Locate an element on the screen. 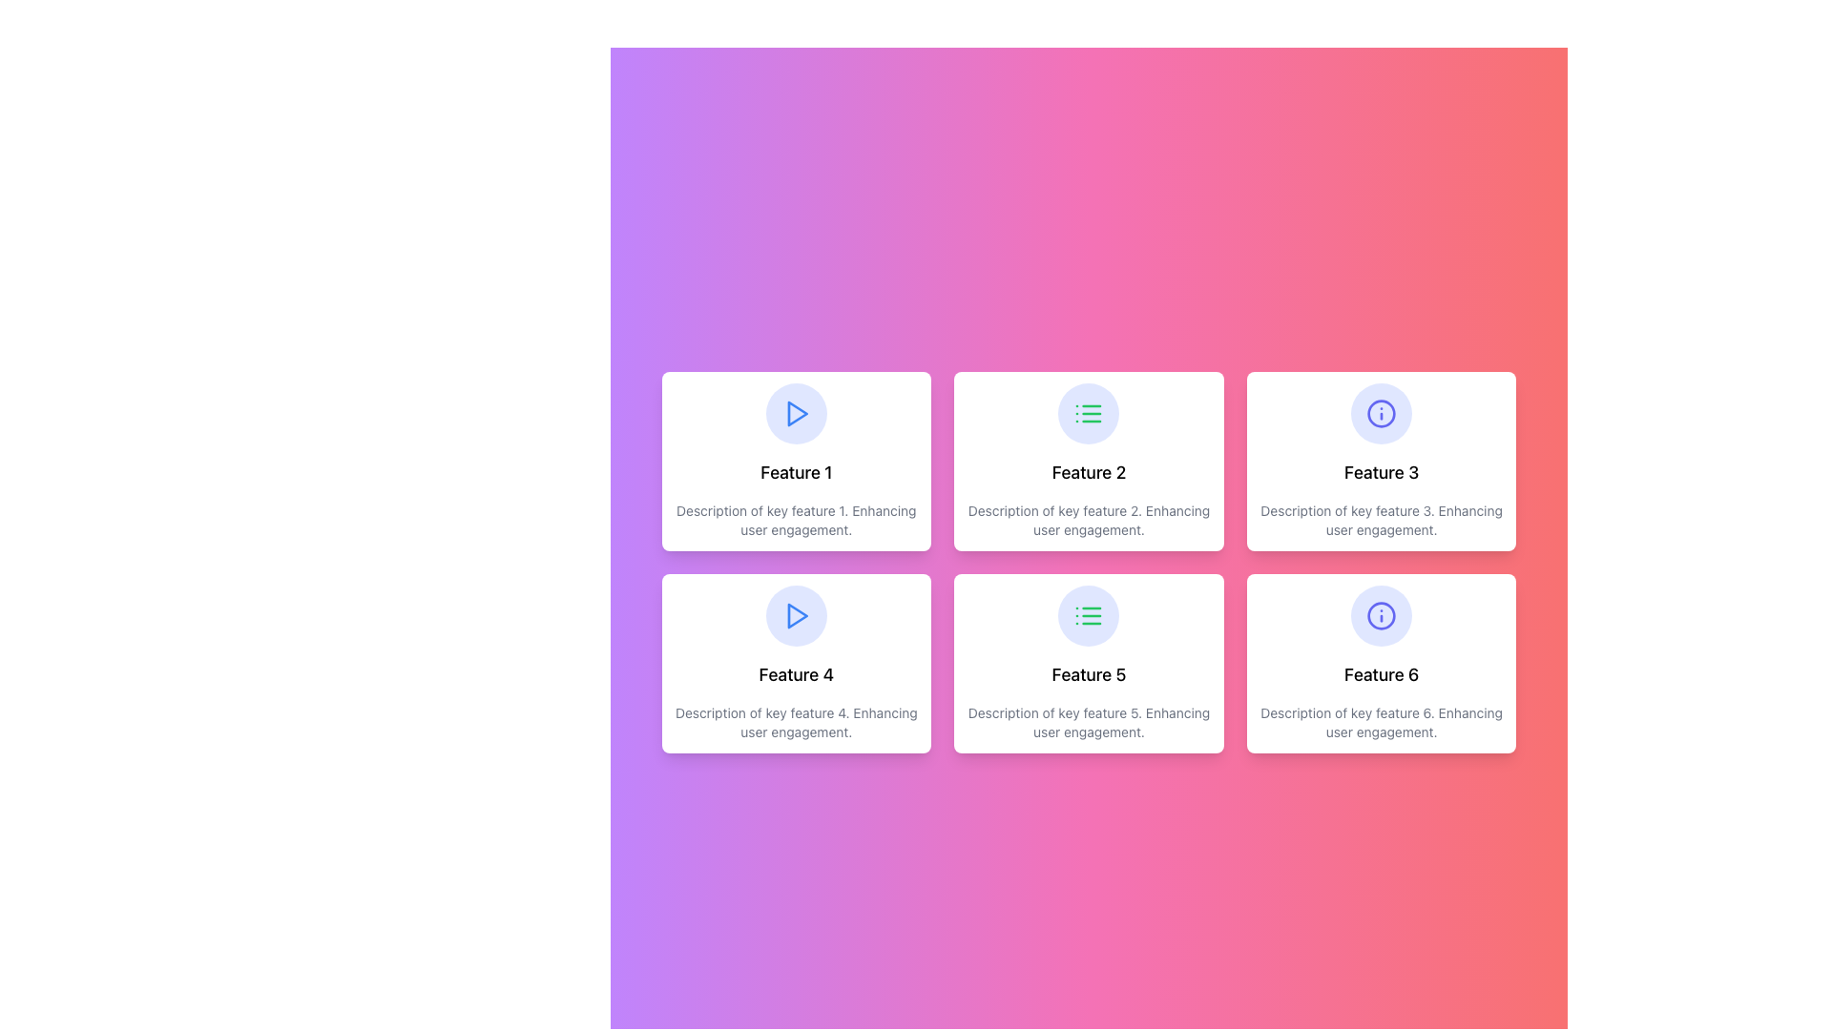  the information icon, which is a blue circular shape located at the top center of the 'Feature 3' card is located at coordinates (1382, 413).